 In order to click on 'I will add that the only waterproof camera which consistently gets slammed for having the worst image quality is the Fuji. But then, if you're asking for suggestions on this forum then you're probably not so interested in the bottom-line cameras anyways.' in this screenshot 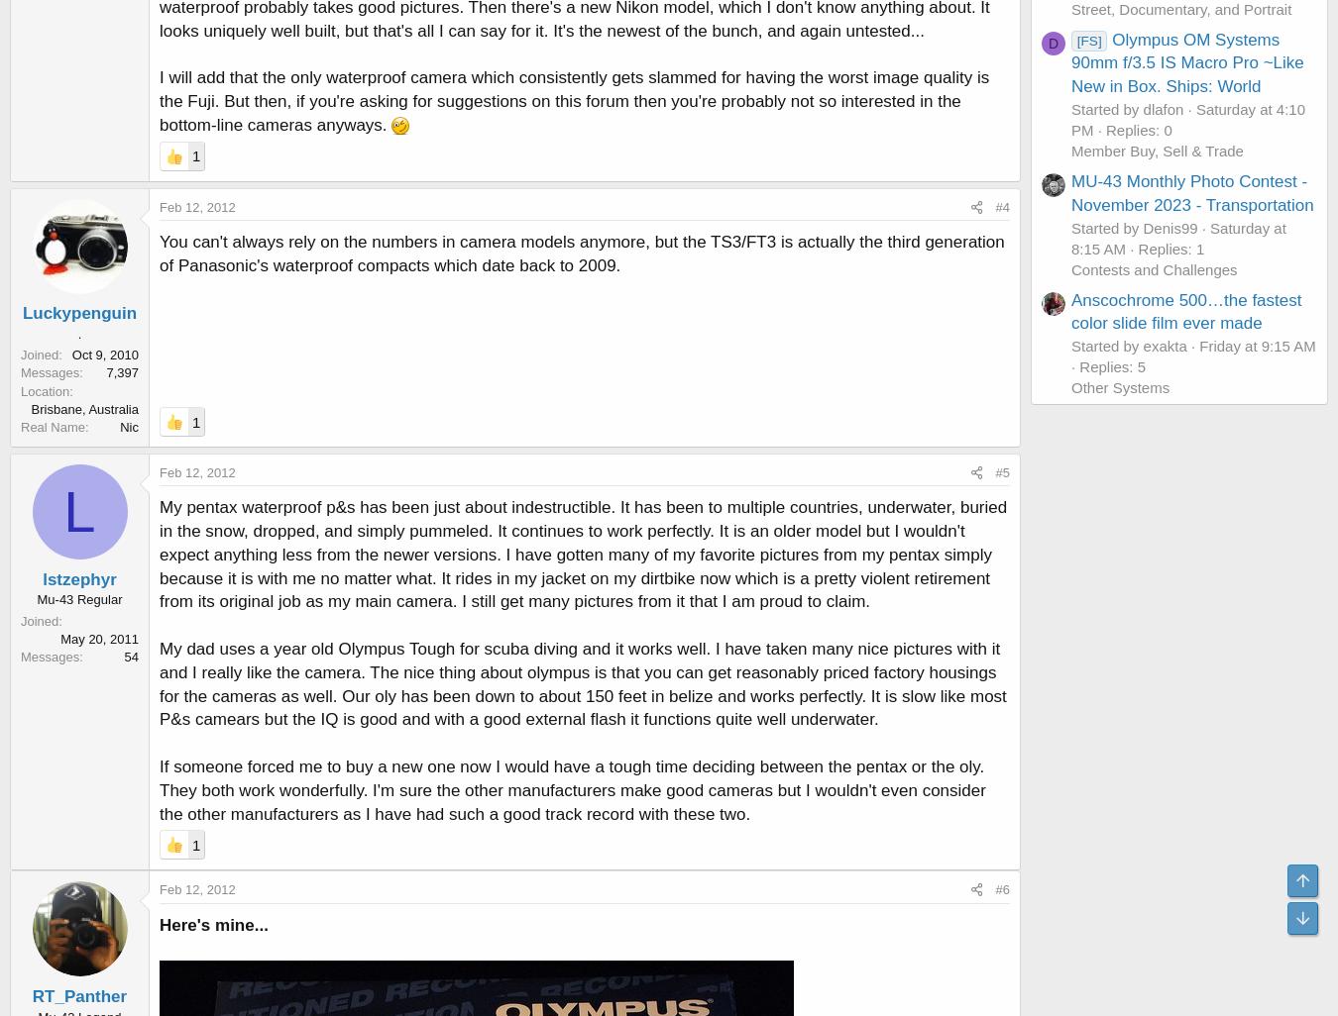, I will do `click(574, 99)`.